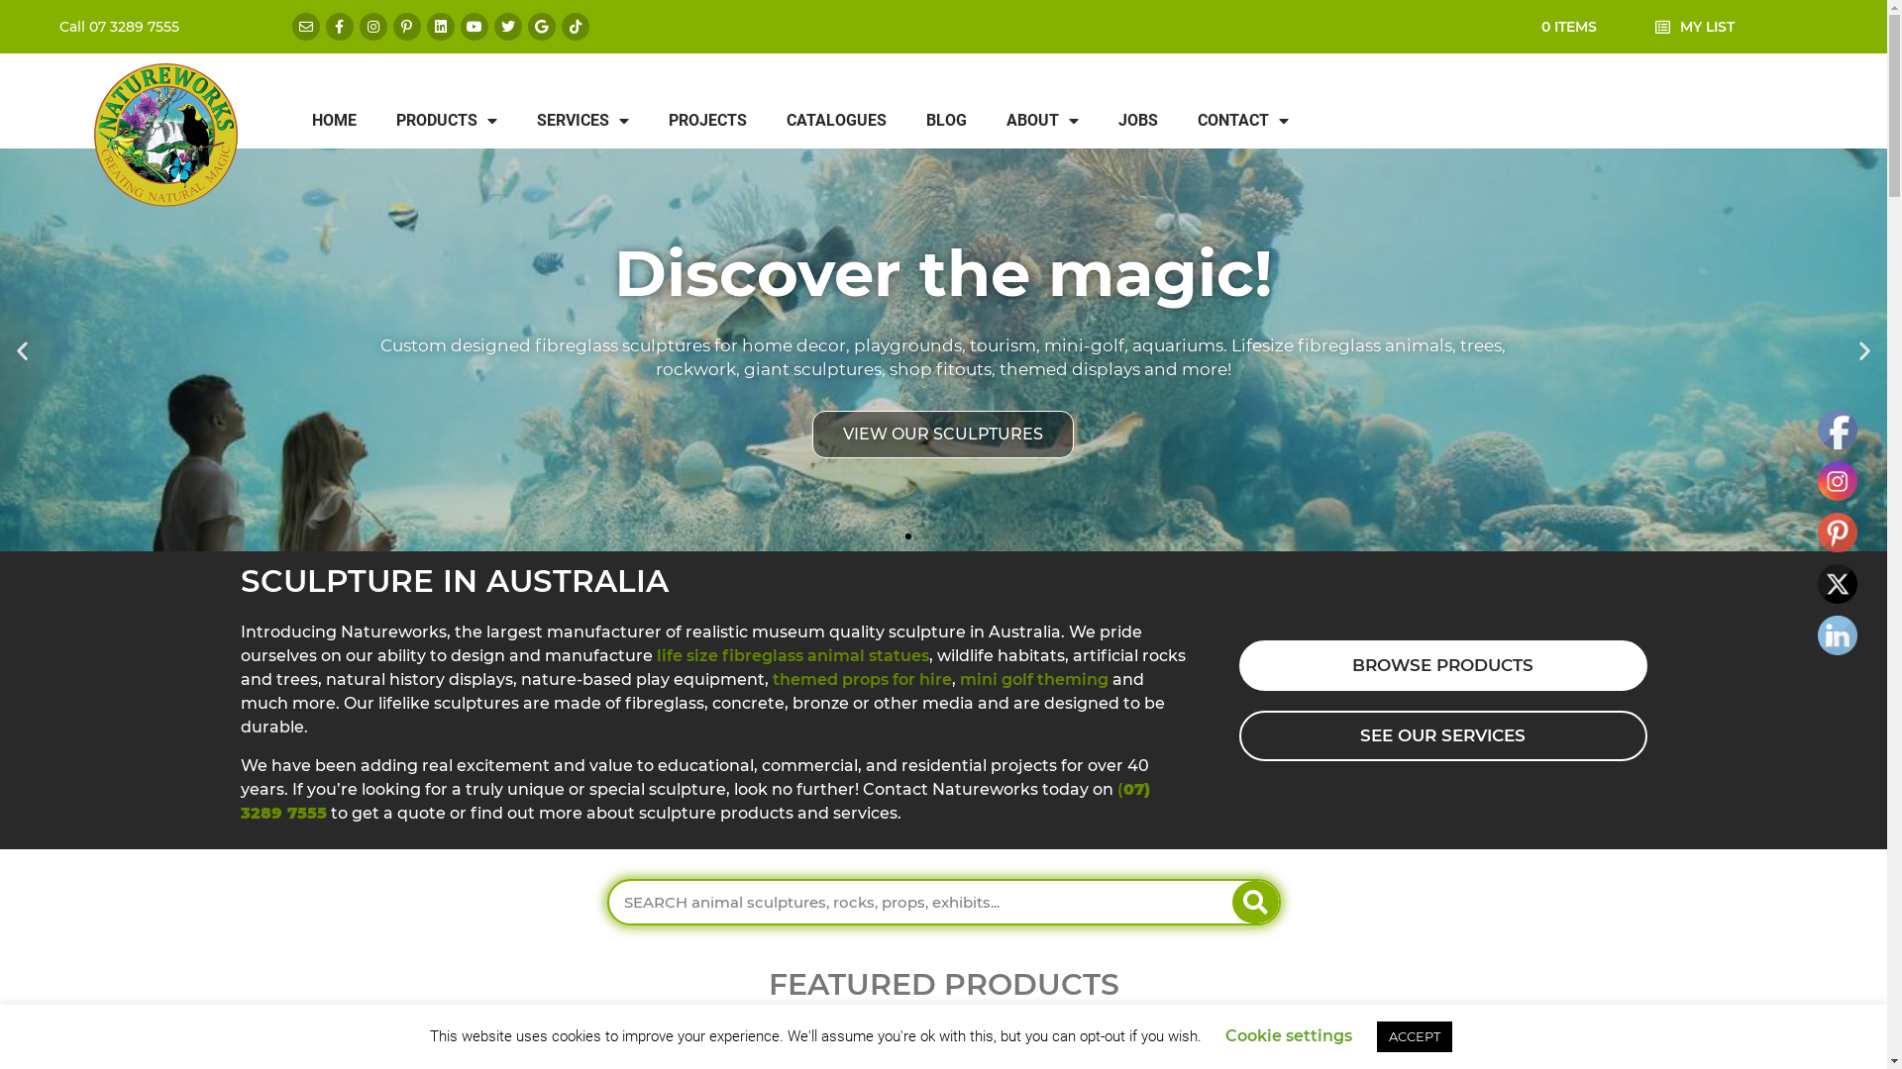  I want to click on 'MY LIST', so click(1678, 27).